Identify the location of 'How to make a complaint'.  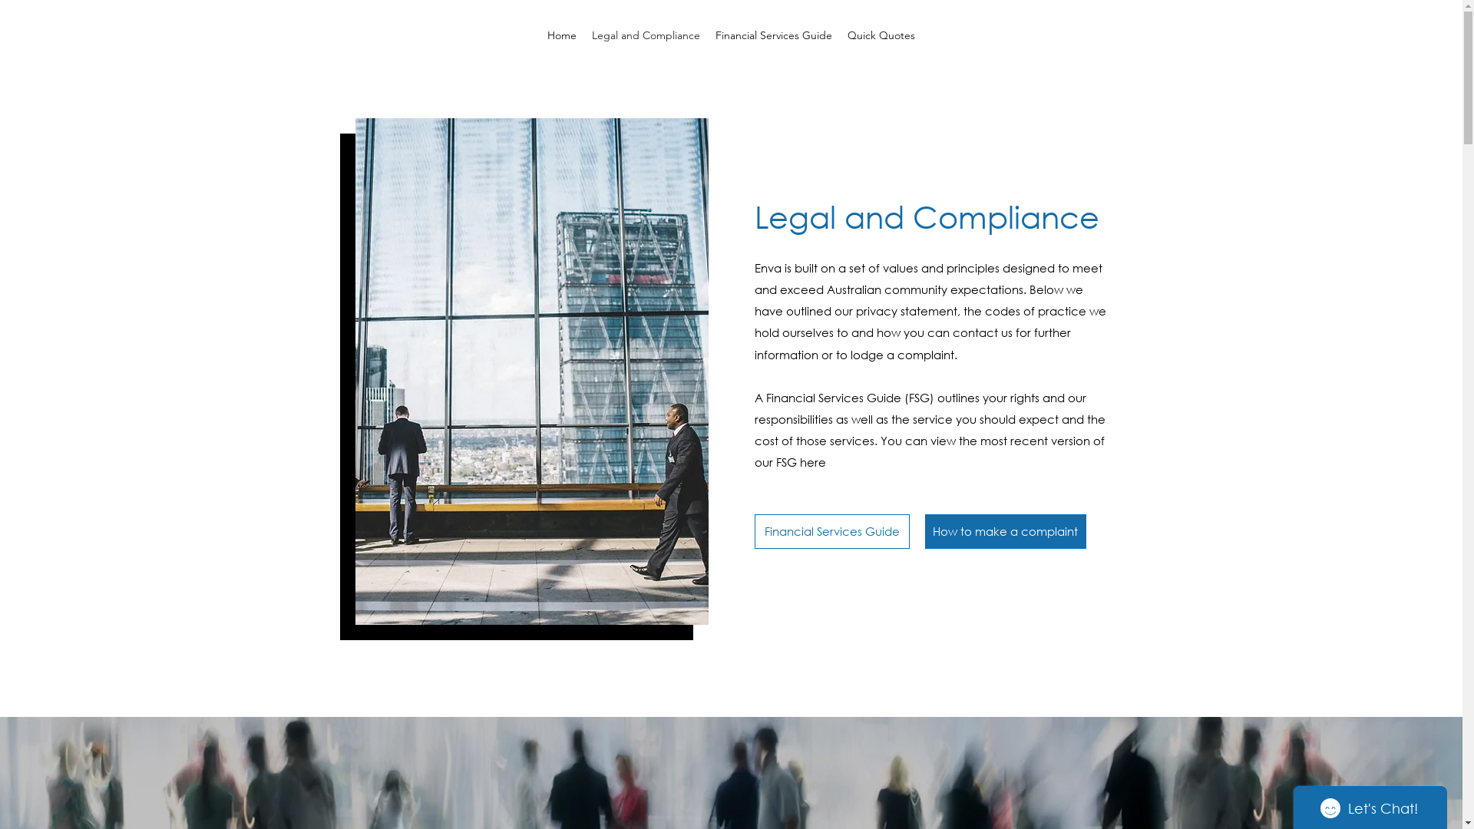
(1005, 530).